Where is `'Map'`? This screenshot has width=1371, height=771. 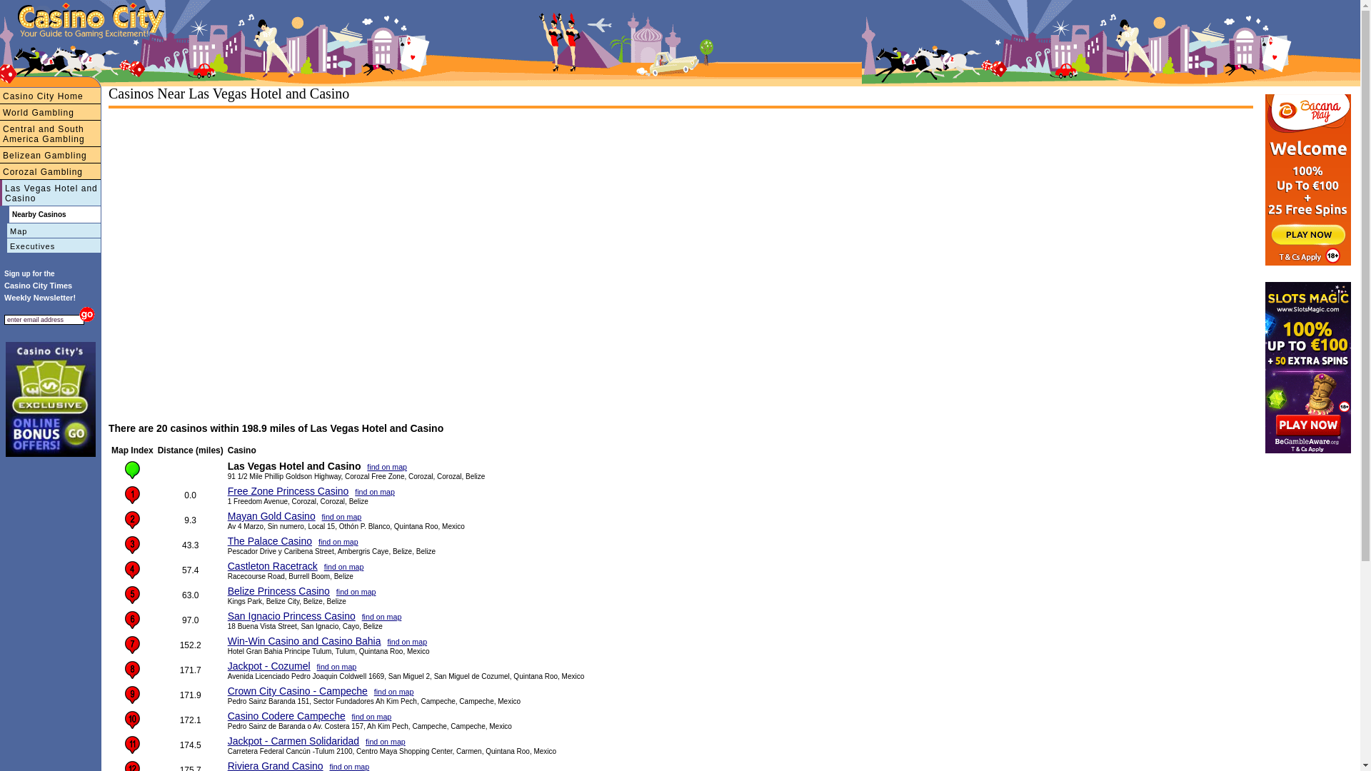 'Map' is located at coordinates (50, 230).